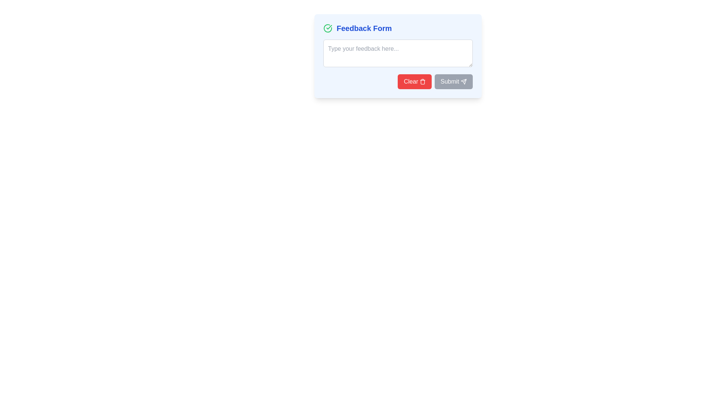 The width and height of the screenshot is (717, 403). I want to click on the feedback submission icon located within the 'Submit' button at the bottom-right of the 'Feedback Form' panel, so click(463, 82).